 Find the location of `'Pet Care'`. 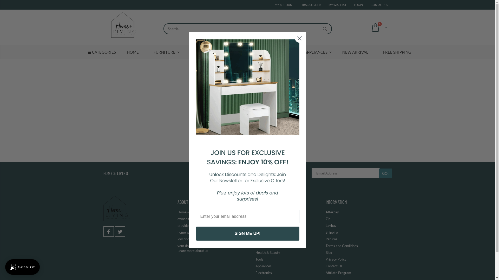

'Pet Care' is located at coordinates (262, 232).